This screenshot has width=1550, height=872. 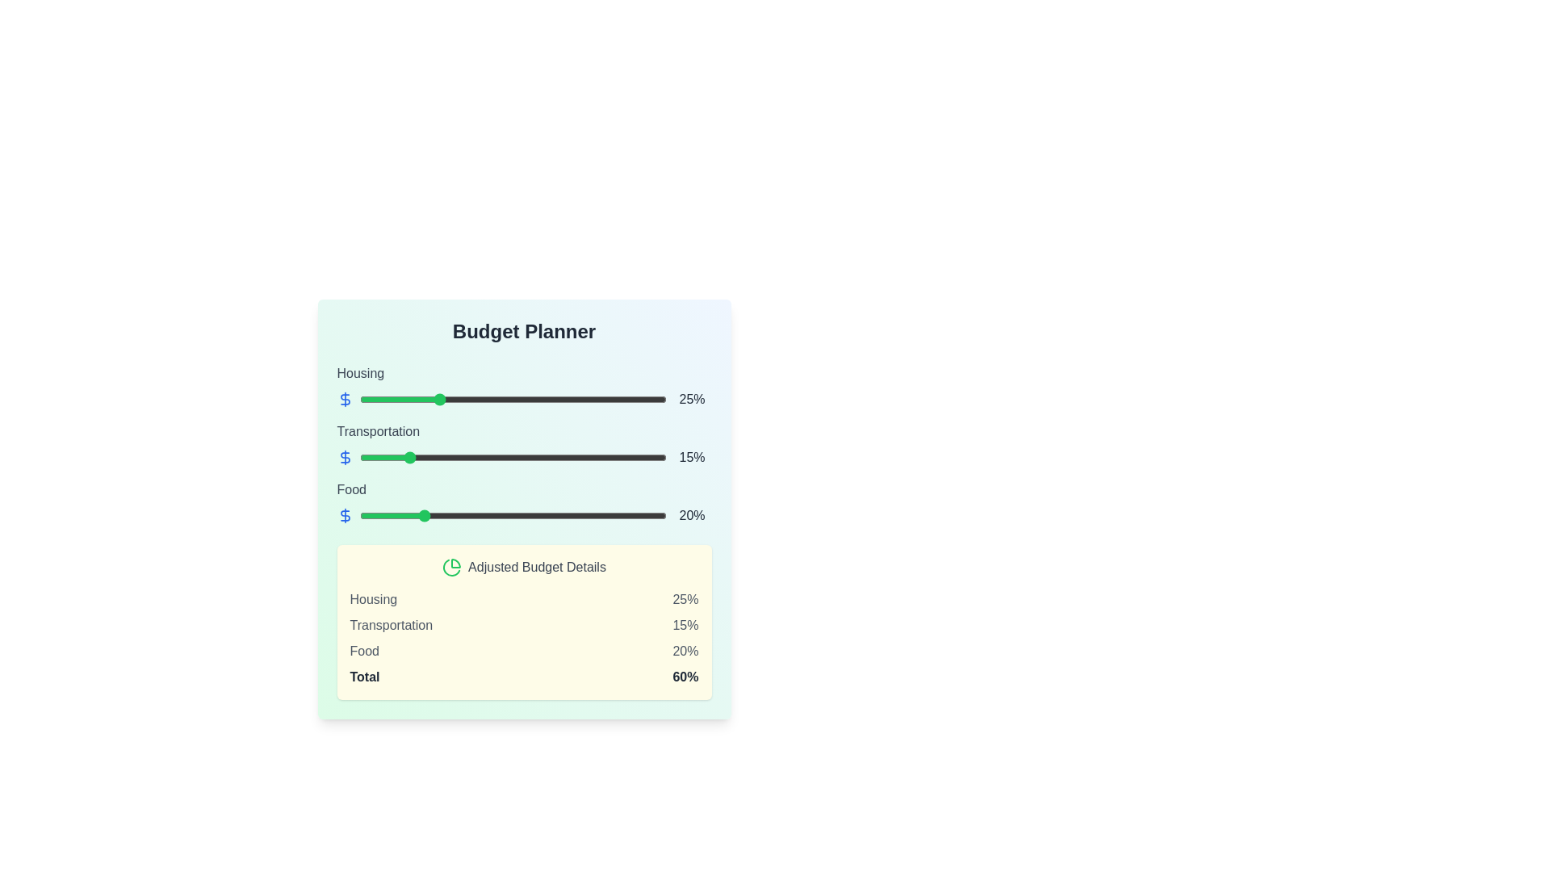 What do you see at coordinates (641, 458) in the screenshot?
I see `transportation budget percentage` at bounding box center [641, 458].